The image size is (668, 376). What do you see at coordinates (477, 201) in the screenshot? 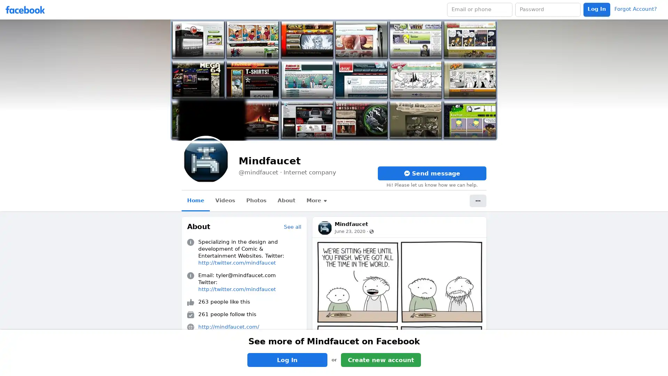
I see `More actions` at bounding box center [477, 201].